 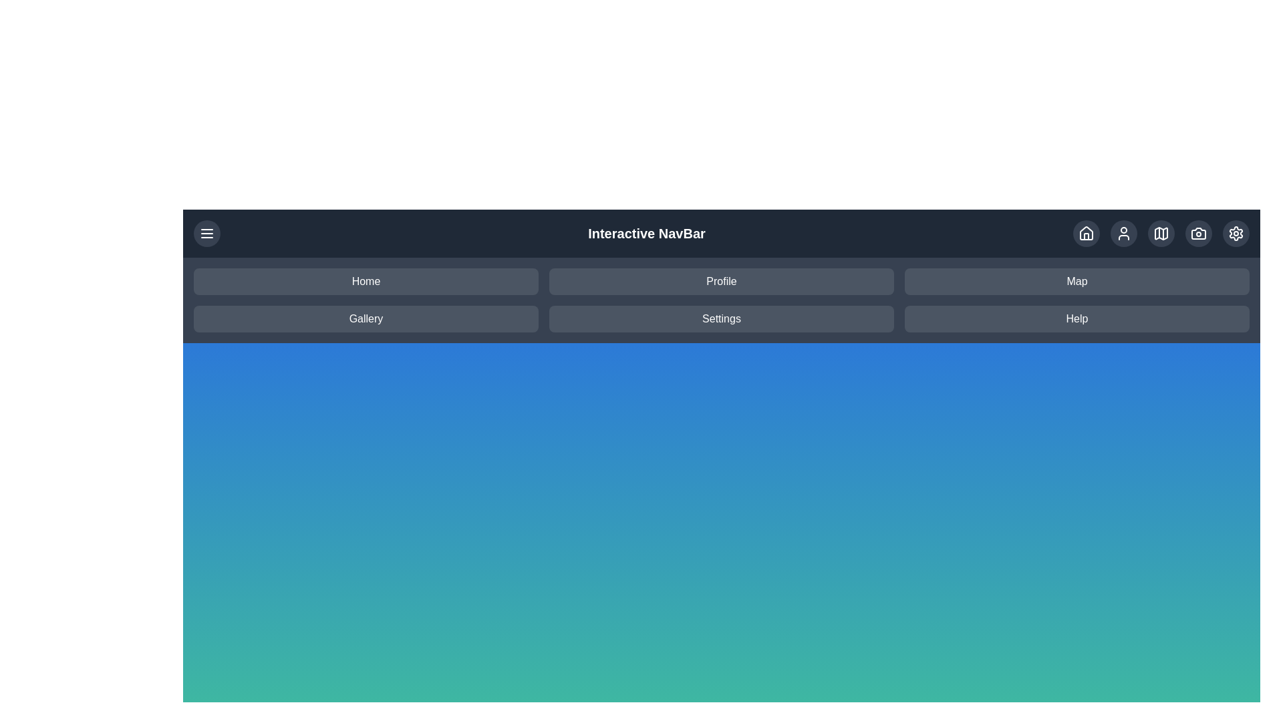 I want to click on the menu item labeled Home, so click(x=366, y=280).